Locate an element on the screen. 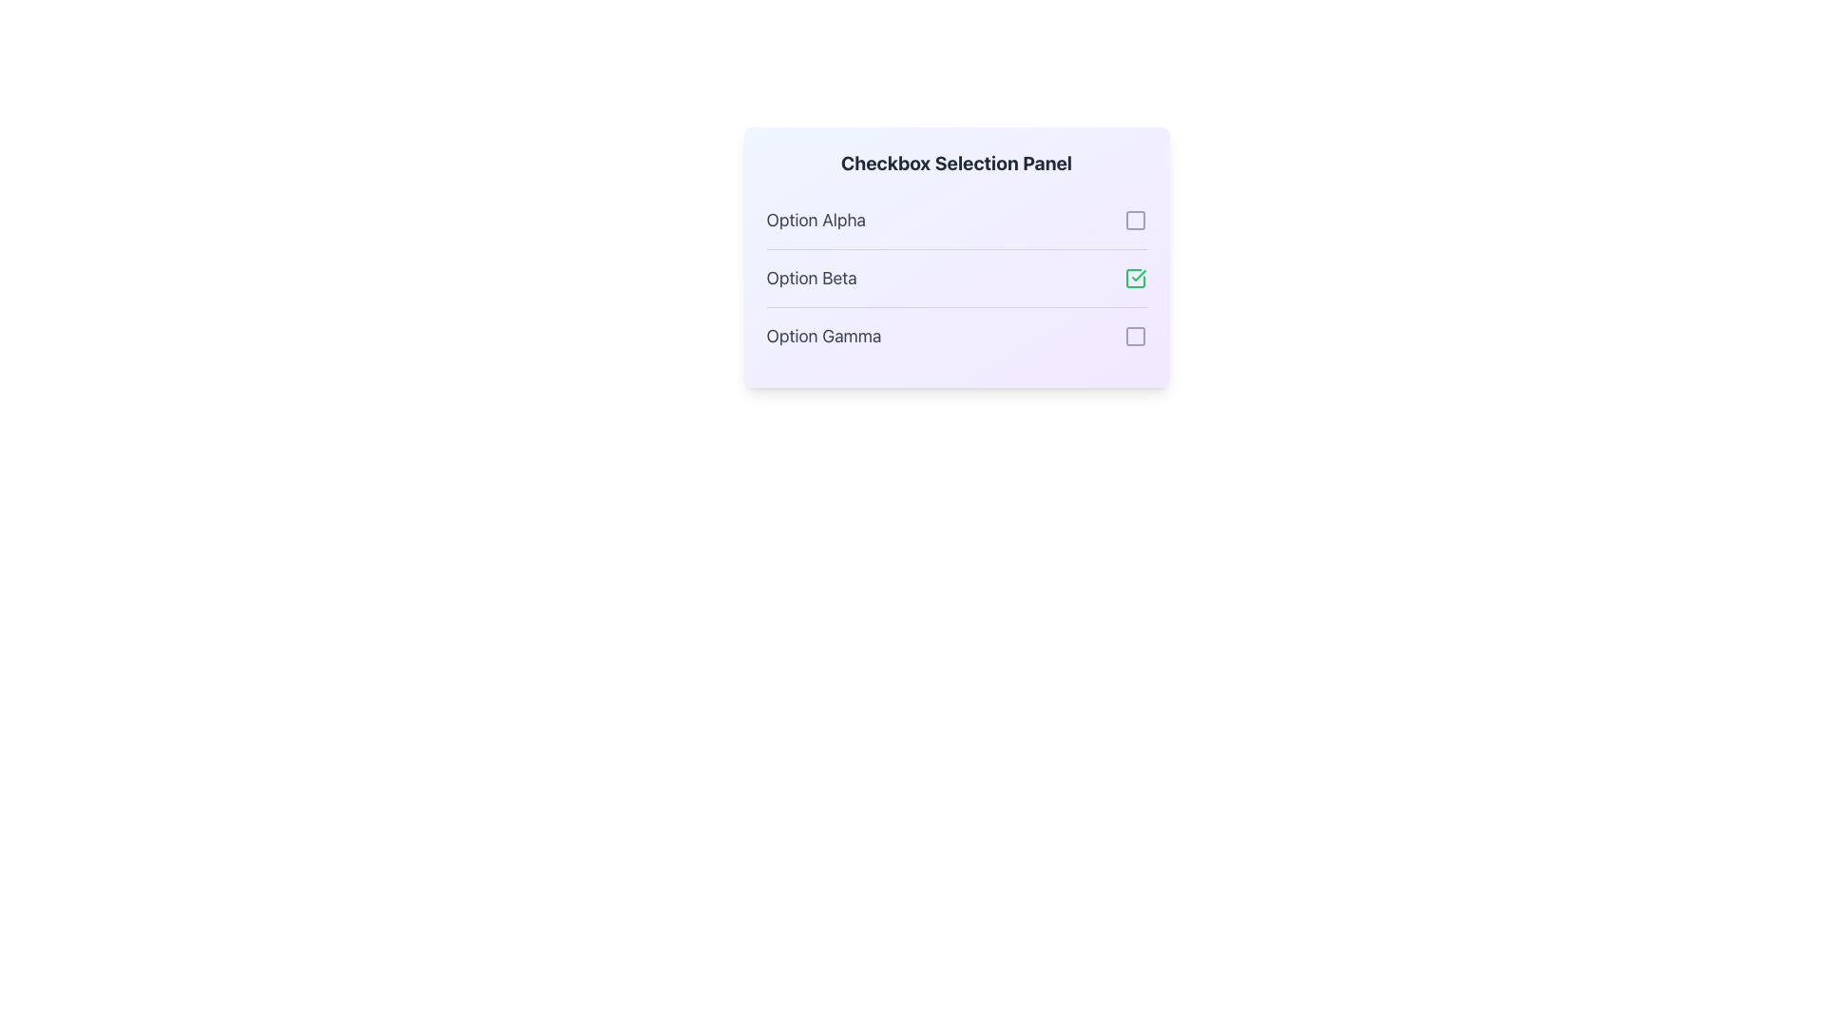  the interactive toggle checkbox for 'Option Gamma' is located at coordinates (1135, 336).